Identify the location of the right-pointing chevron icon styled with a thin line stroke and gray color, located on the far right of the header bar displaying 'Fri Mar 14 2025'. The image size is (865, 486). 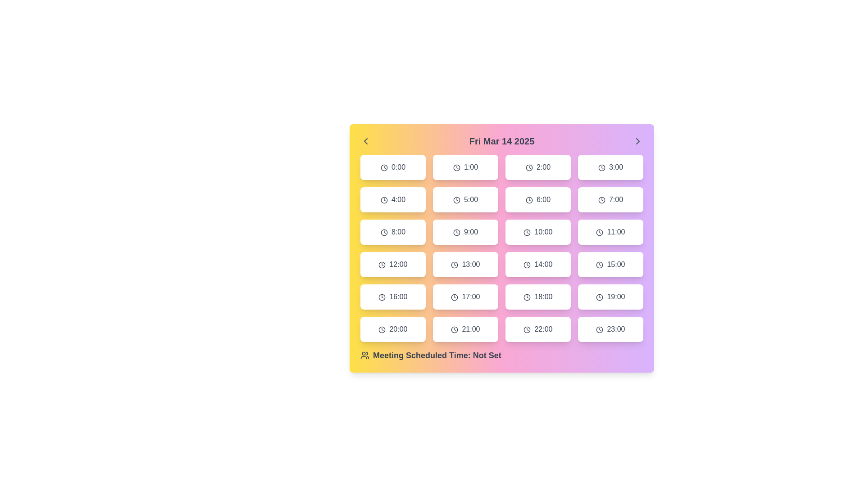
(637, 141).